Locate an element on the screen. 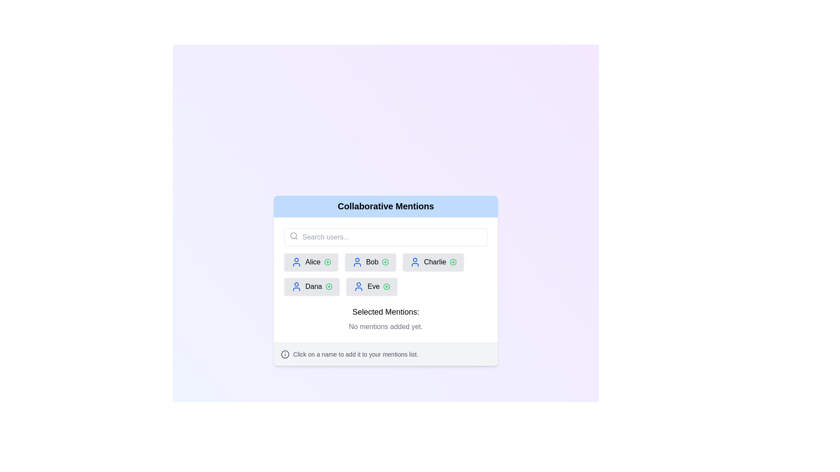  text displayed in the rectangular section labeled 'Selected Mentions:' with subtext 'No mentions added yet.' located at the bottom of the main card is located at coordinates (385, 319).